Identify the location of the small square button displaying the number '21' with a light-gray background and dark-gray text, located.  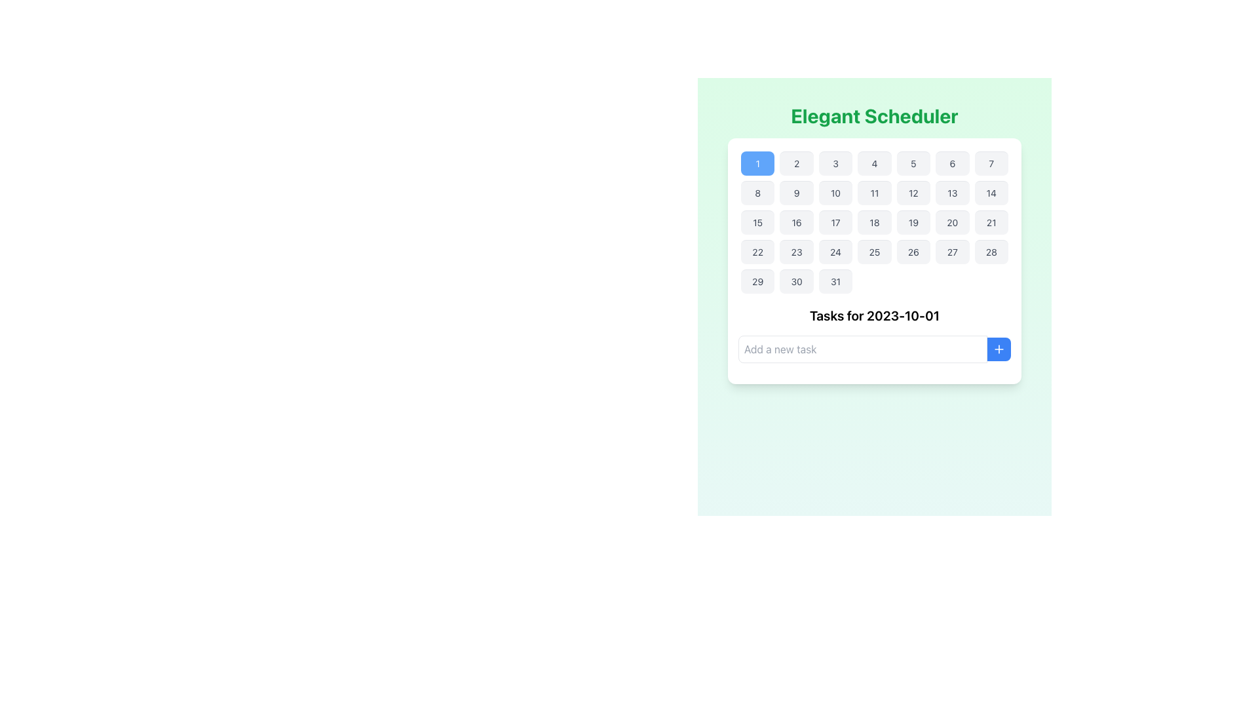
(991, 222).